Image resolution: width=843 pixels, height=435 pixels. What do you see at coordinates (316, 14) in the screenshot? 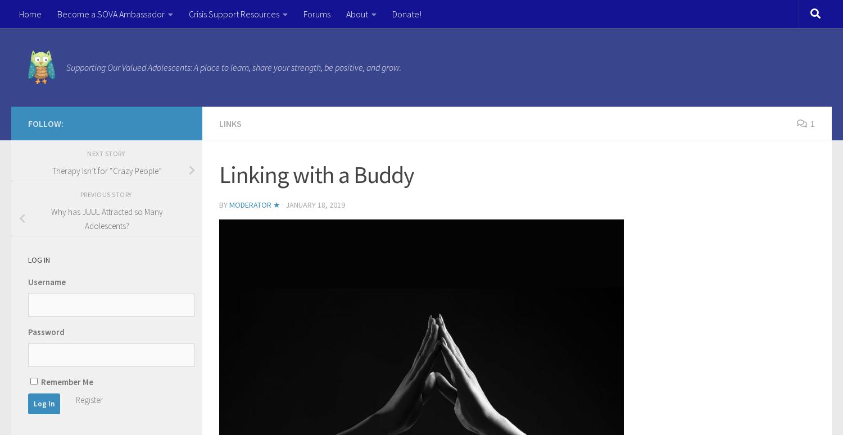
I see `'Forums'` at bounding box center [316, 14].